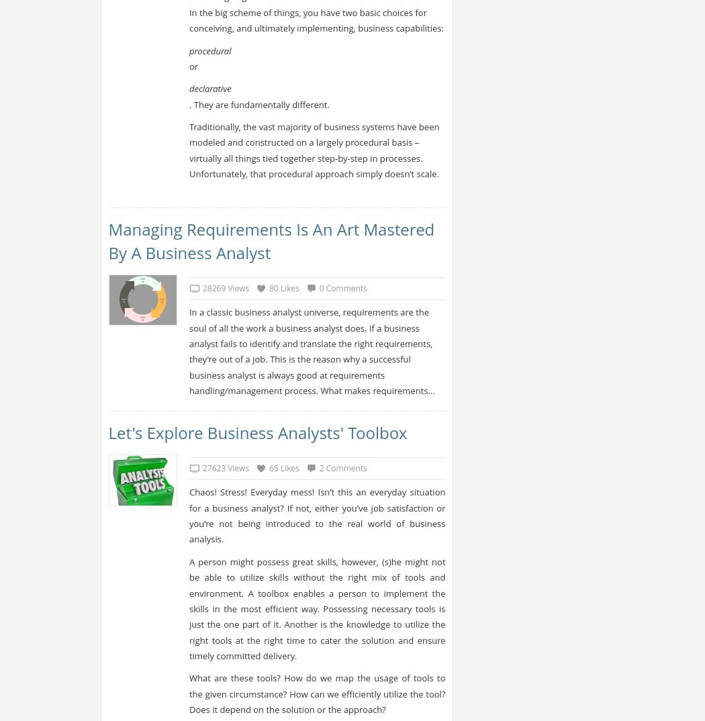 The height and width of the screenshot is (721, 705). Describe the element at coordinates (316, 19) in the screenshot. I see `'In the big scheme of things, you have two basic choices for conceiving, and ultimately implementing, business capabilities:'` at that location.